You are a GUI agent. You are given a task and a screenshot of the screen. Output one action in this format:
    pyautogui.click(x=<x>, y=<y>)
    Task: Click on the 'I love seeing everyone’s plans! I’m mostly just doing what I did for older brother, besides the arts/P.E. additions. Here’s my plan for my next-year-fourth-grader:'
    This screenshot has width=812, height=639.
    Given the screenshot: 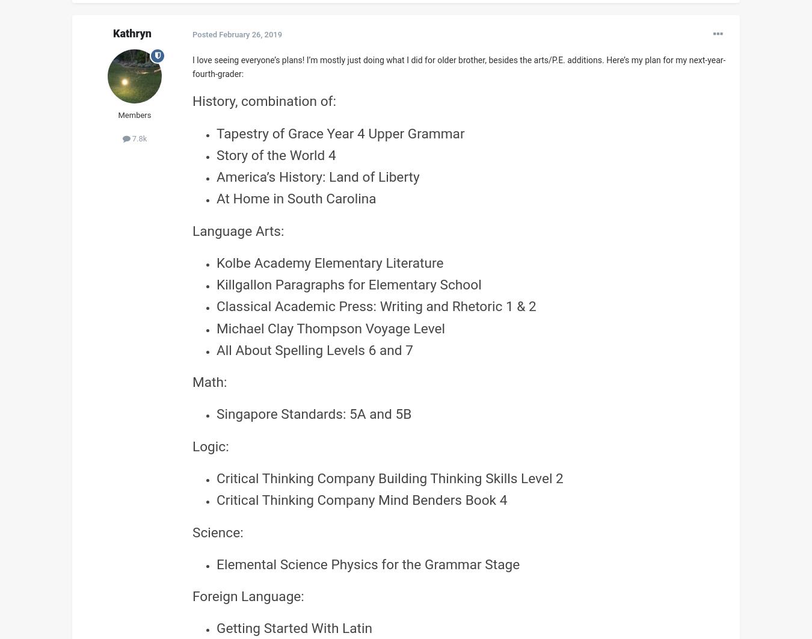 What is the action you would take?
    pyautogui.click(x=458, y=66)
    